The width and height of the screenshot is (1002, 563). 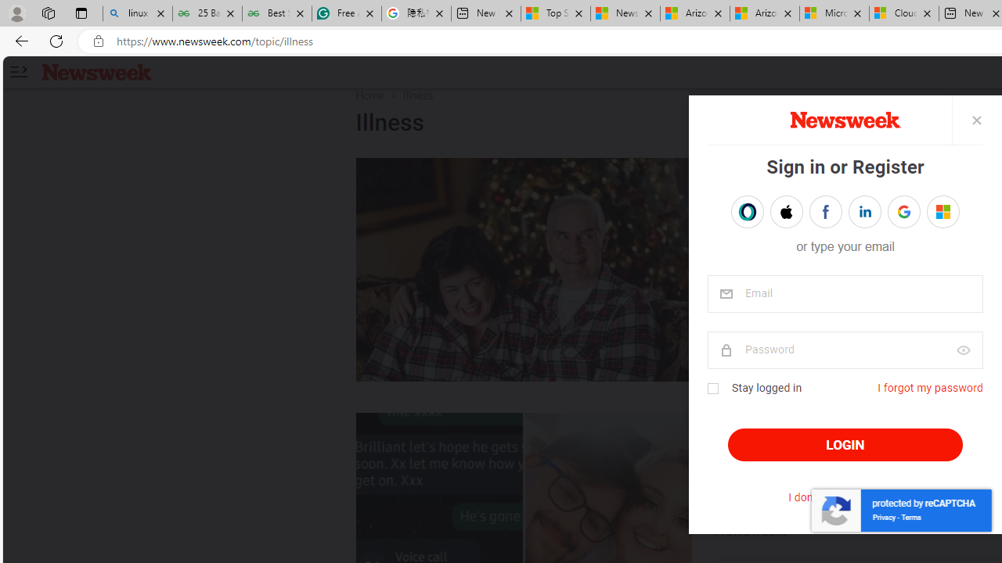 I want to click on 'Class: checkbox', so click(x=712, y=388).